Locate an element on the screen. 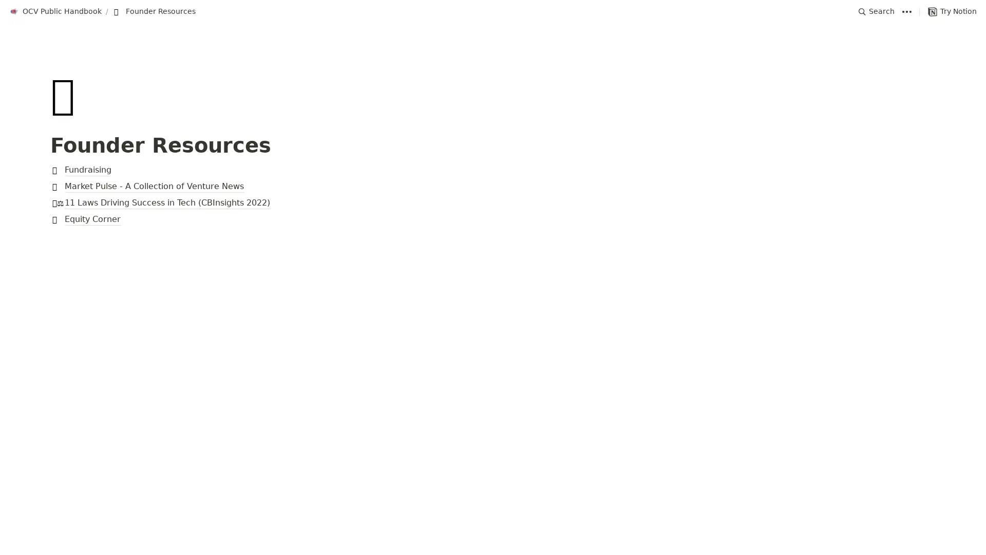 Image resolution: width=986 pixels, height=555 pixels. Fundraising is located at coordinates (493, 170).